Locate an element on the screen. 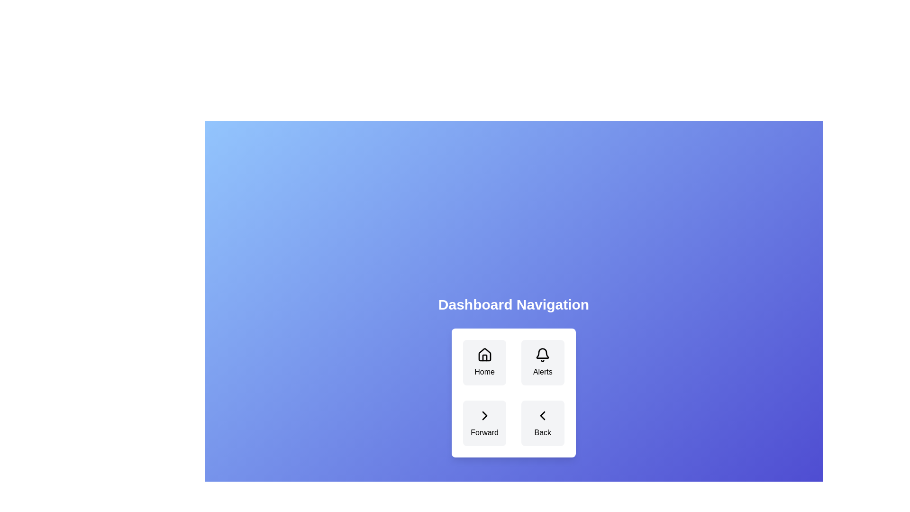 The height and width of the screenshot is (512, 910). the 'Forward' button, which is a rectangular button with a light gray background and a black rightward arrow icon, located in the bottom-left of a 2x2 grid within the 'Dashboard Navigation' interface is located at coordinates (484, 423).